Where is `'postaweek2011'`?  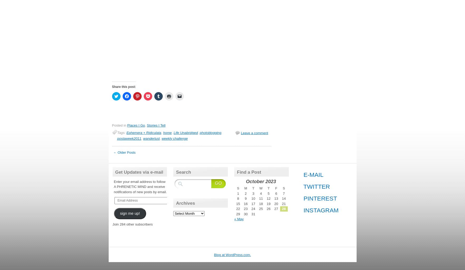
'postaweek2011' is located at coordinates (129, 138).